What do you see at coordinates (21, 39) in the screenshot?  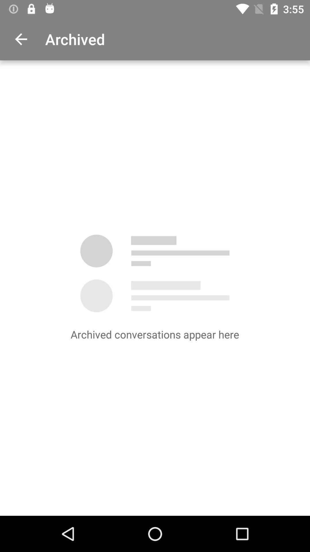 I see `app next to archived` at bounding box center [21, 39].